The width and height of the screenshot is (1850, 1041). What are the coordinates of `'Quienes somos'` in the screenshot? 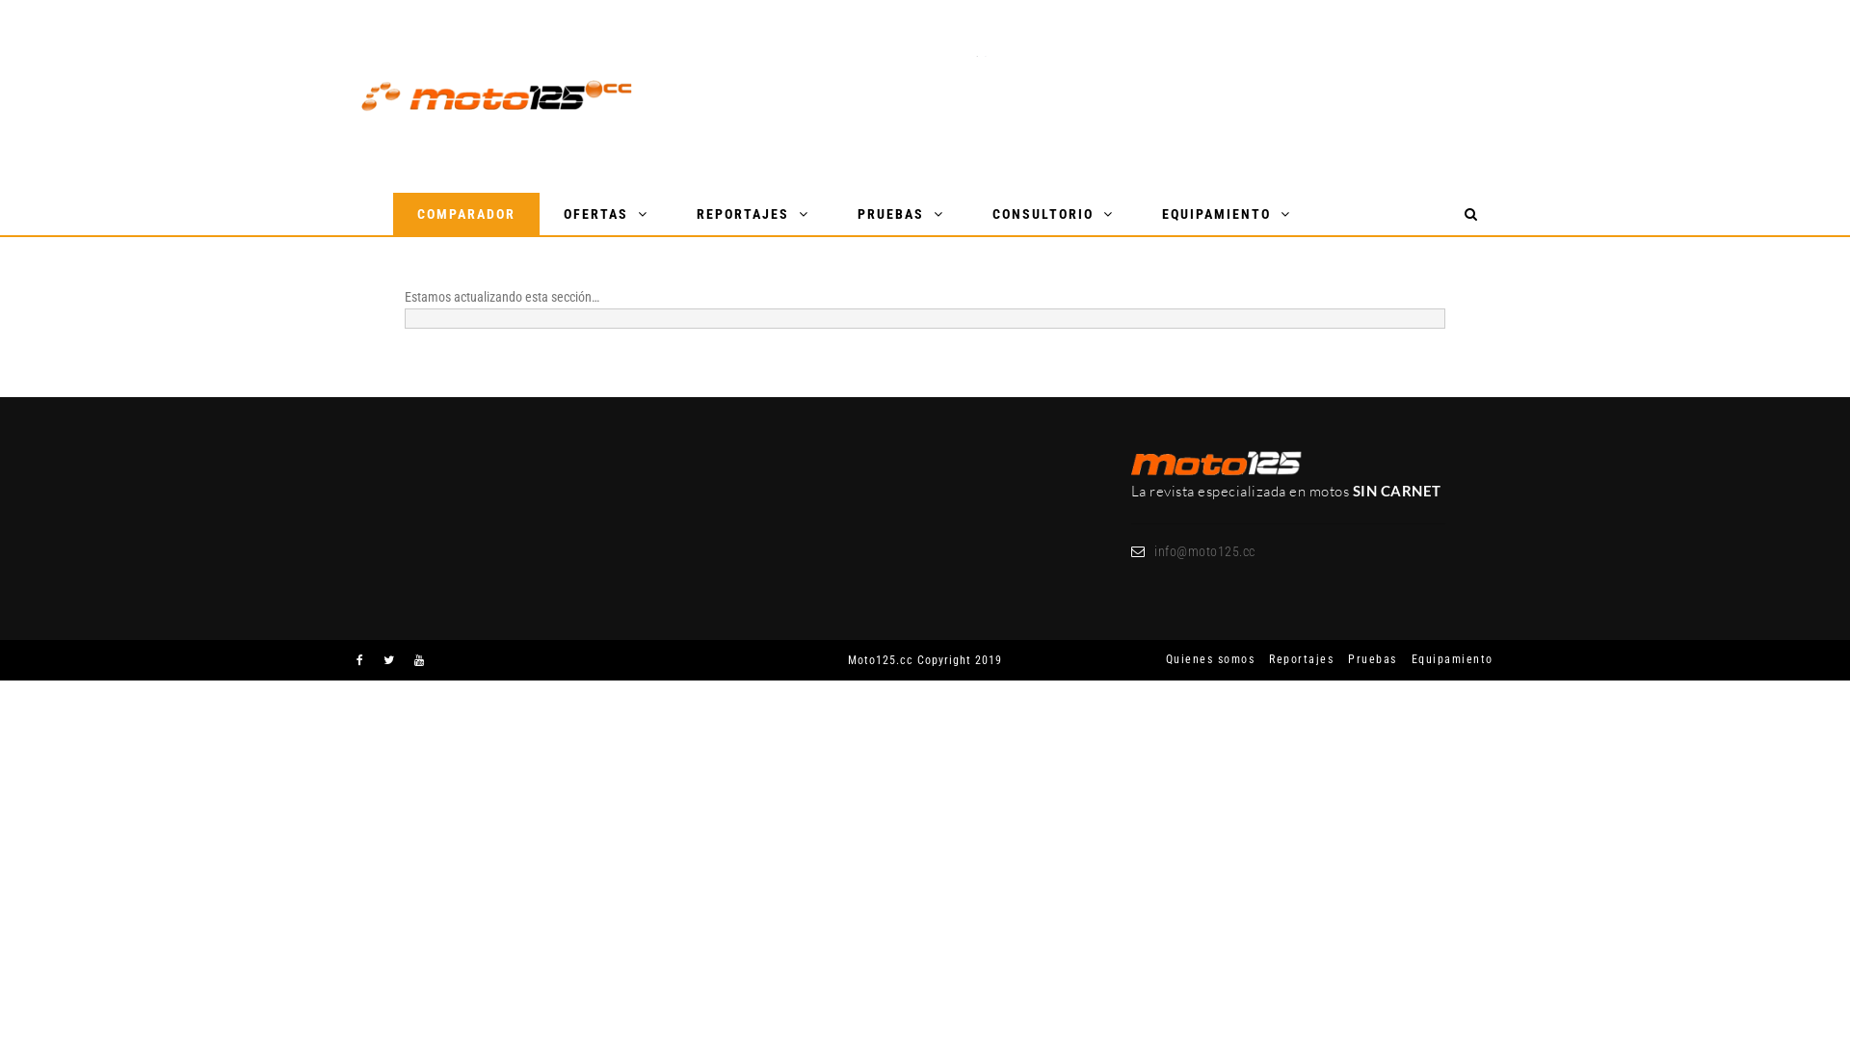 It's located at (1202, 657).